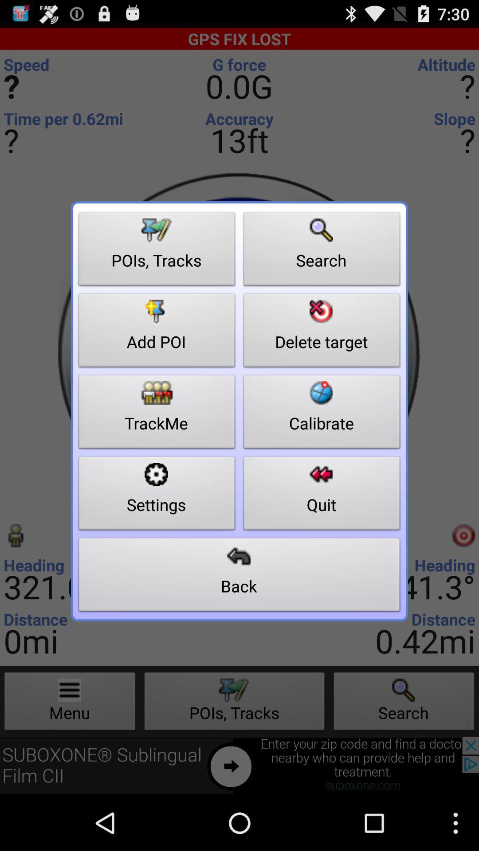  What do you see at coordinates (239, 577) in the screenshot?
I see `button below settings button` at bounding box center [239, 577].